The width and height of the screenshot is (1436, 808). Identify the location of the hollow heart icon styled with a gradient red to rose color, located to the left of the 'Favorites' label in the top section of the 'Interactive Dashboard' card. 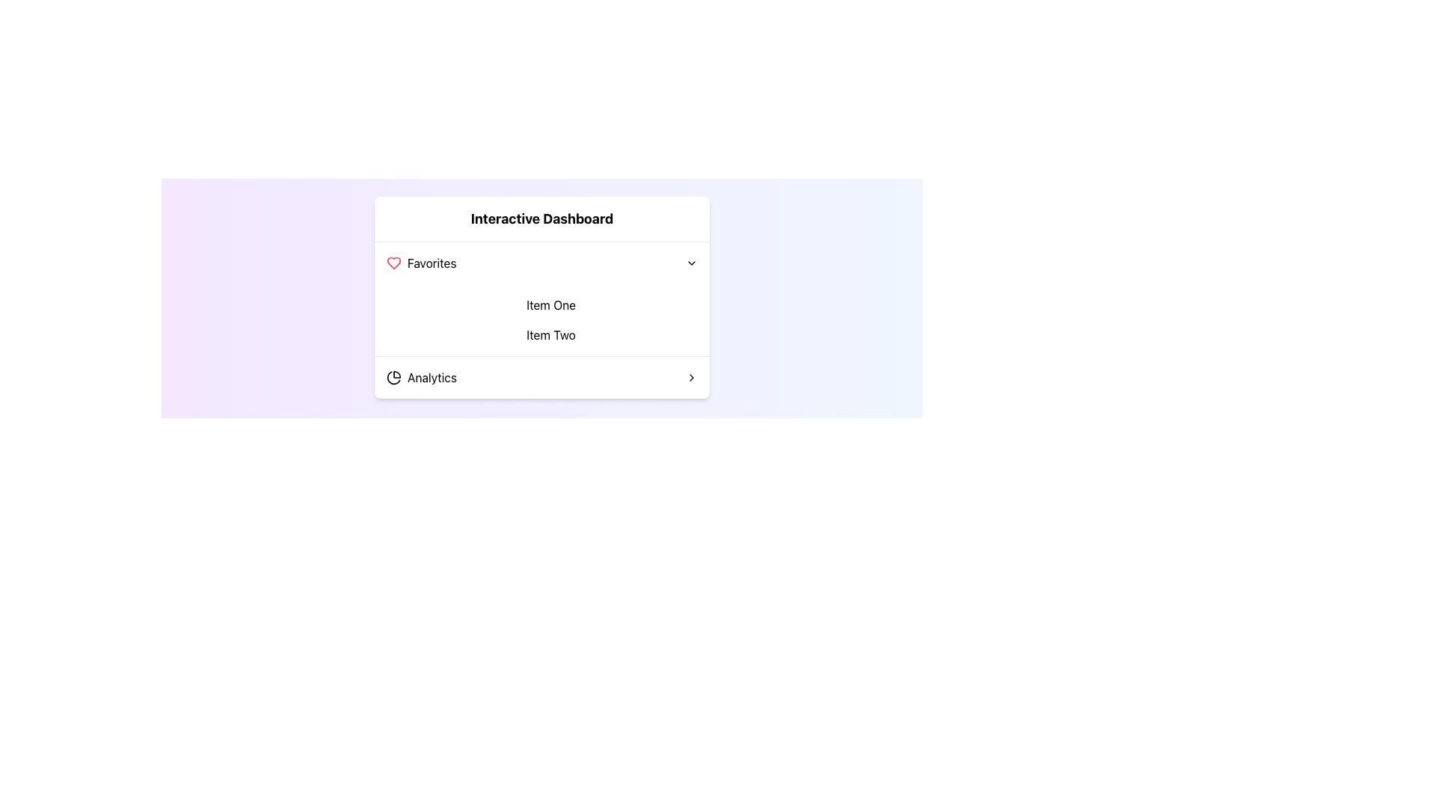
(394, 262).